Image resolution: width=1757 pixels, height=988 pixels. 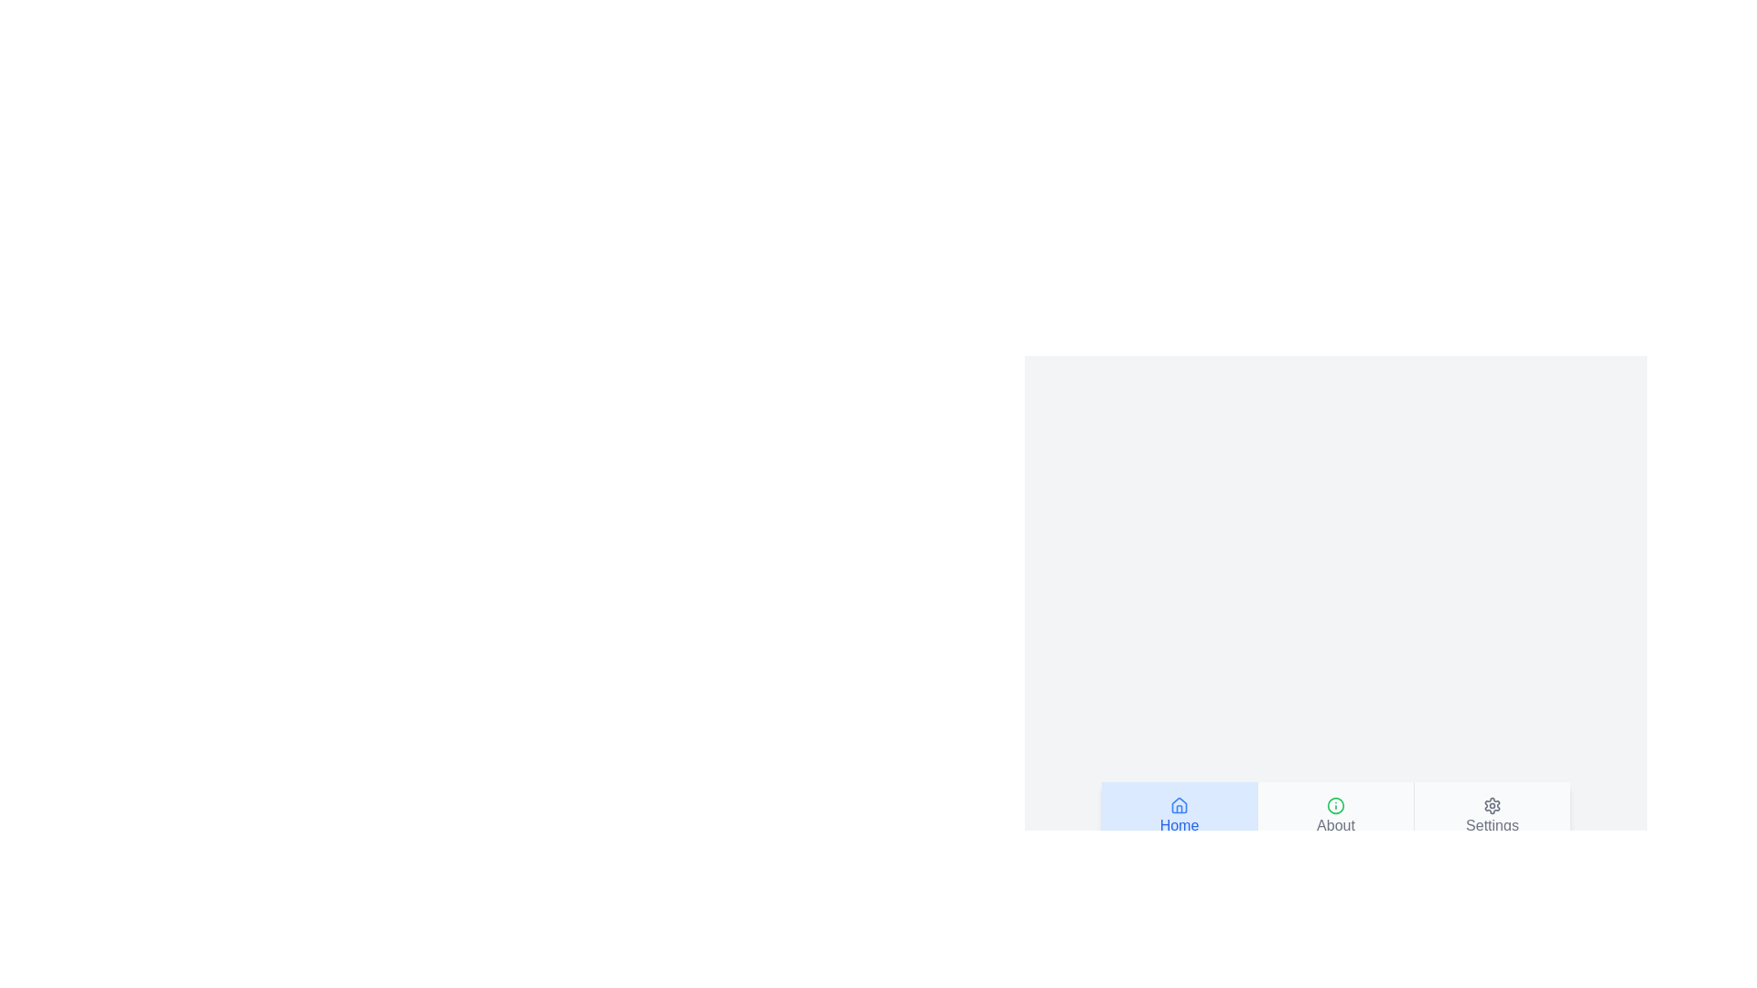 What do you see at coordinates (1180, 815) in the screenshot?
I see `the tab button labeled Home` at bounding box center [1180, 815].